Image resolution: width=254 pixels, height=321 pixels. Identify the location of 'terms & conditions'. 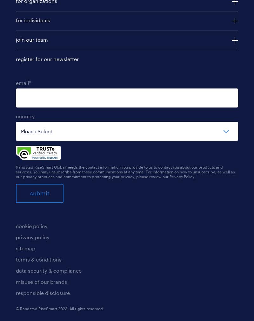
(38, 259).